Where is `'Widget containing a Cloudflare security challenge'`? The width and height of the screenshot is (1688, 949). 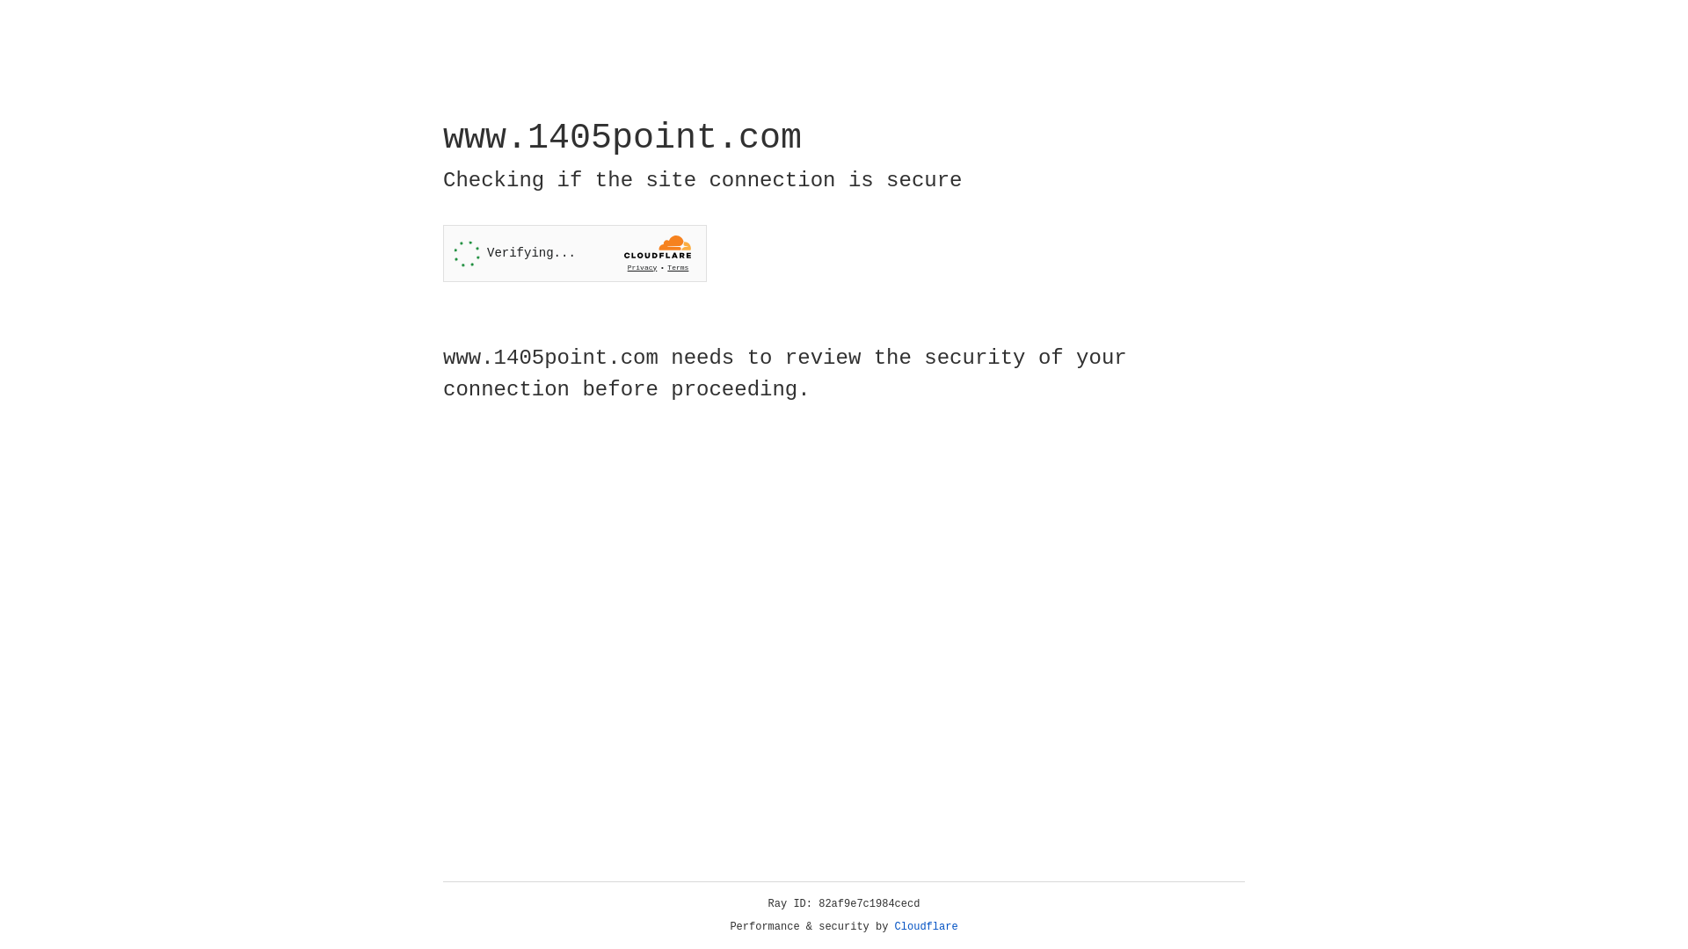 'Widget containing a Cloudflare security challenge' is located at coordinates (574, 253).